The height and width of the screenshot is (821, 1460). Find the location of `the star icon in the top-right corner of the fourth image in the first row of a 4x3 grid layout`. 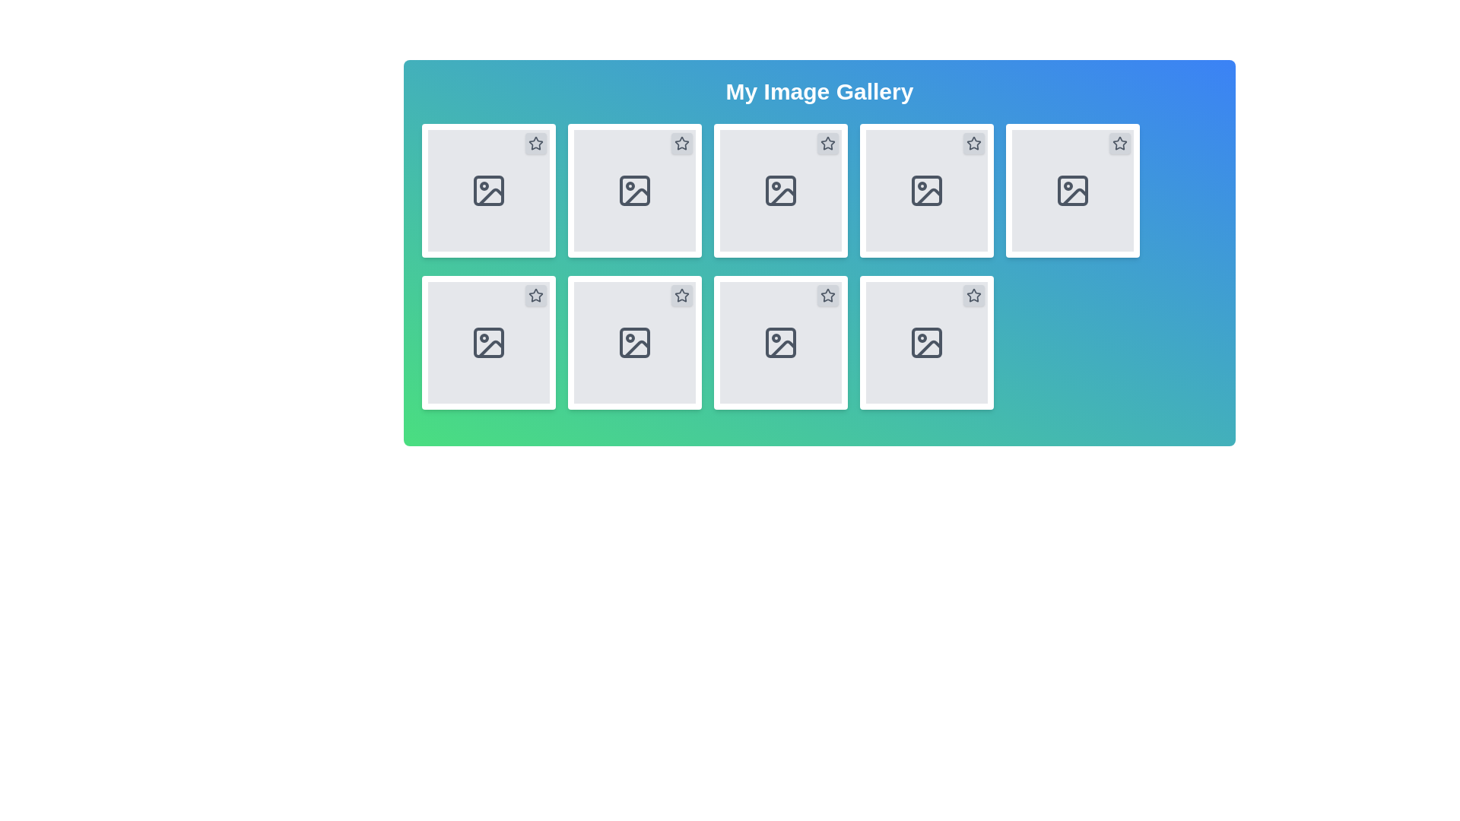

the star icon in the top-right corner of the fourth image in the first row of a 4x3 grid layout is located at coordinates (827, 143).